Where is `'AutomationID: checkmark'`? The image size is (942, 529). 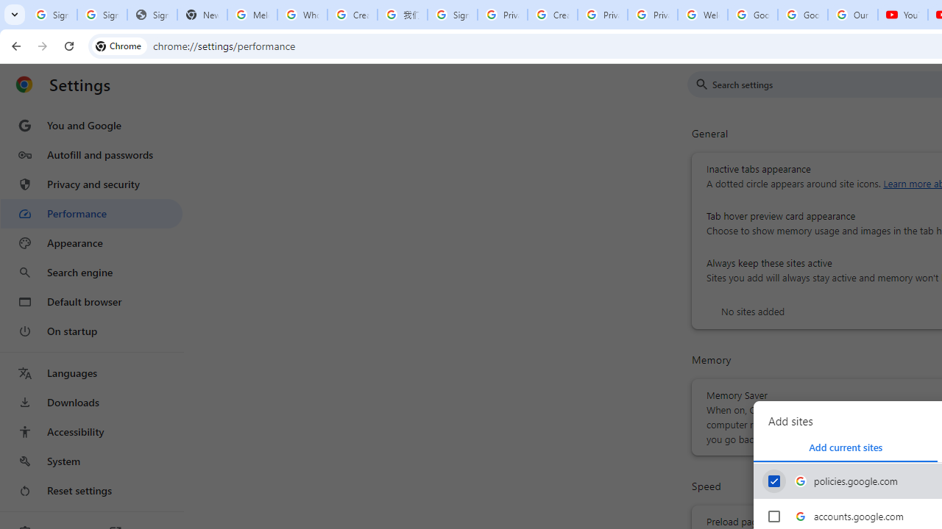 'AutomationID: checkmark' is located at coordinates (773, 481).